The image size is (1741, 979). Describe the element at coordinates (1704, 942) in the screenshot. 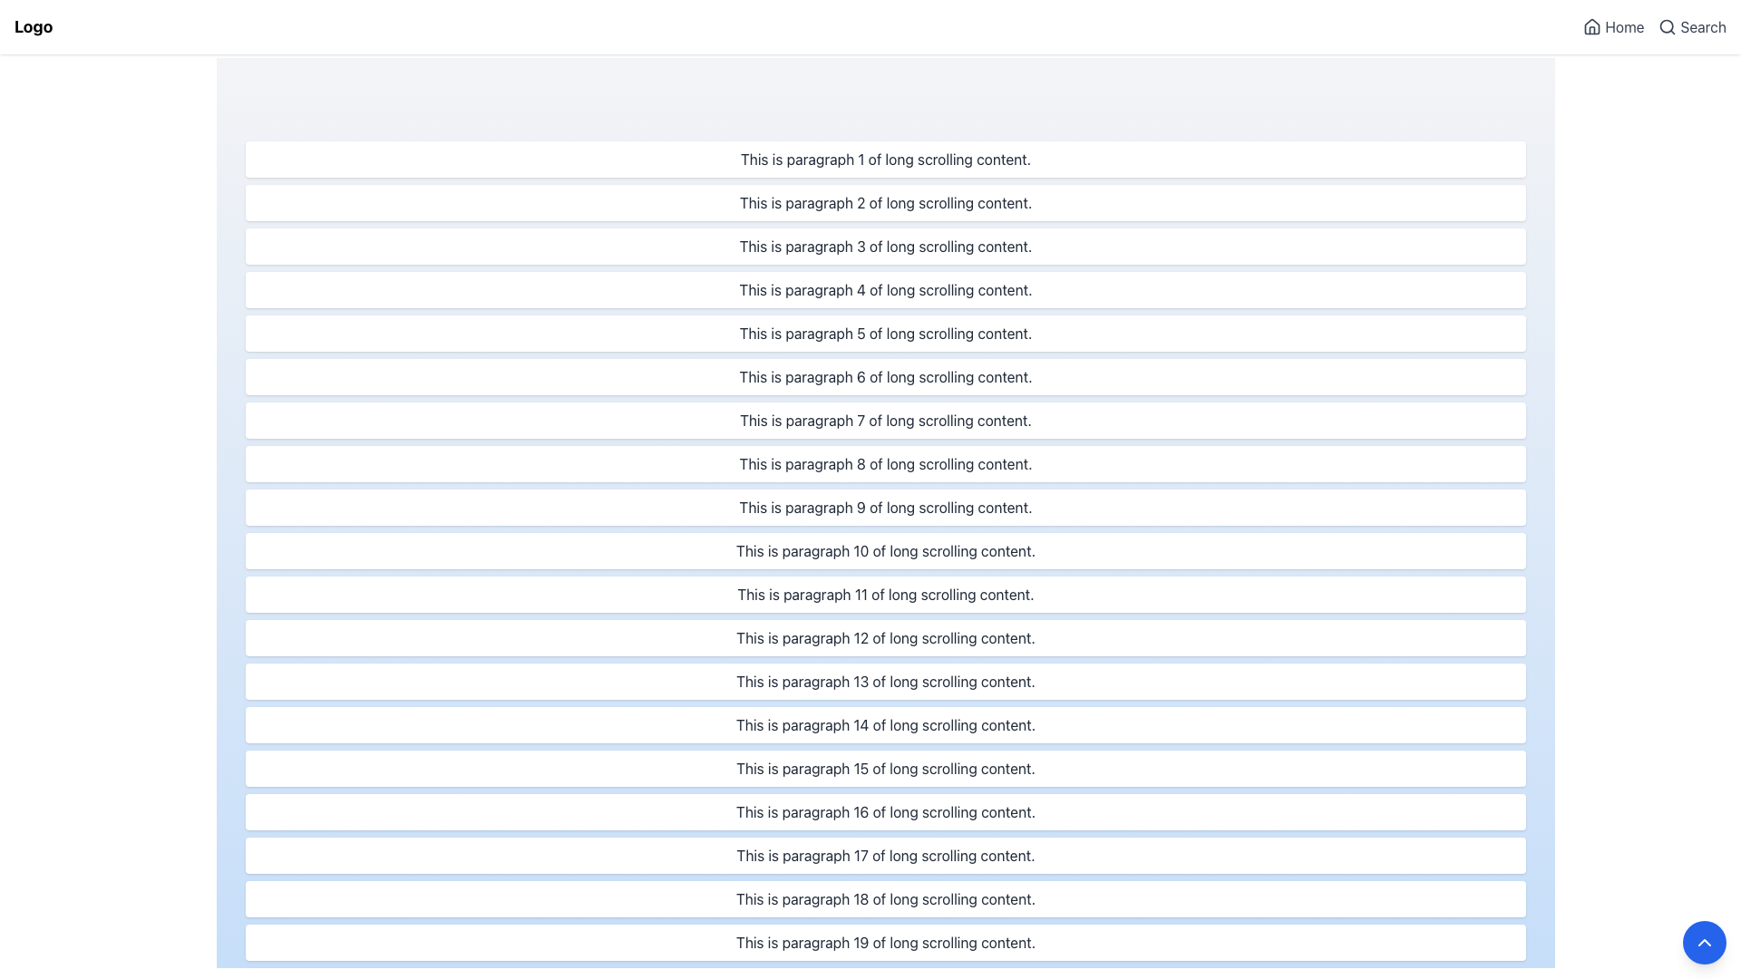

I see `the circular blue button located at the bottom-right corner of the page` at that location.